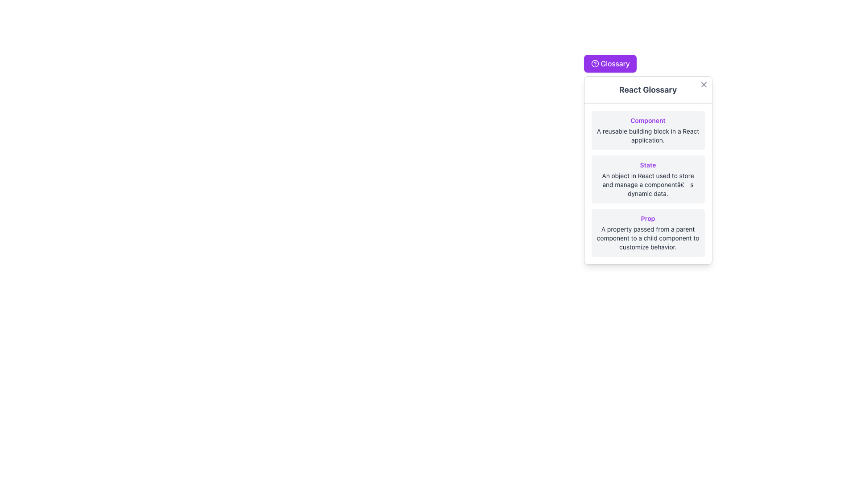 The height and width of the screenshot is (481, 856). What do you see at coordinates (648, 120) in the screenshot?
I see `the heading element that describes the term 'Component' in the 'React Glossary' card` at bounding box center [648, 120].